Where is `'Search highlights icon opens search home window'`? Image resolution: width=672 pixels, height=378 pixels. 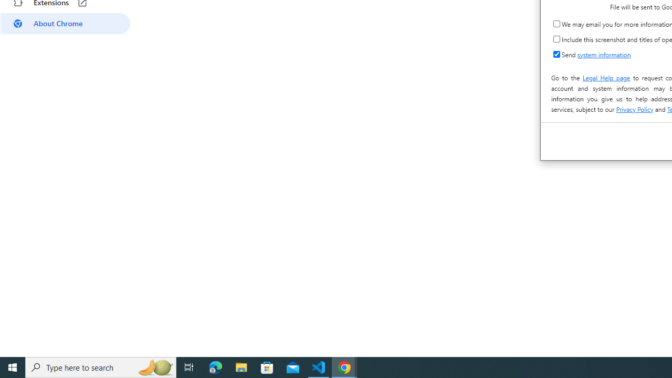 'Search highlights icon opens search home window' is located at coordinates (154, 366).